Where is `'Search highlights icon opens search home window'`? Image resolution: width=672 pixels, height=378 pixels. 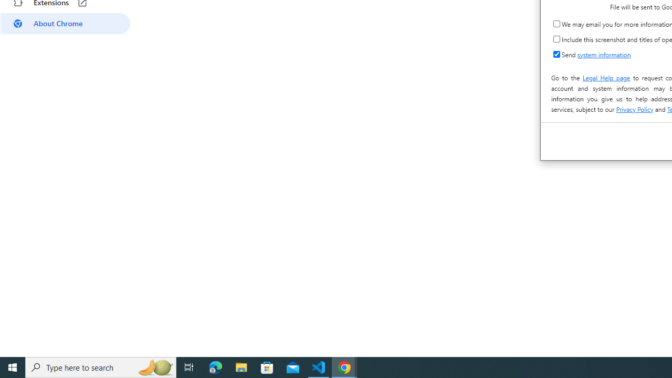 'Search highlights icon opens search home window' is located at coordinates (154, 366).